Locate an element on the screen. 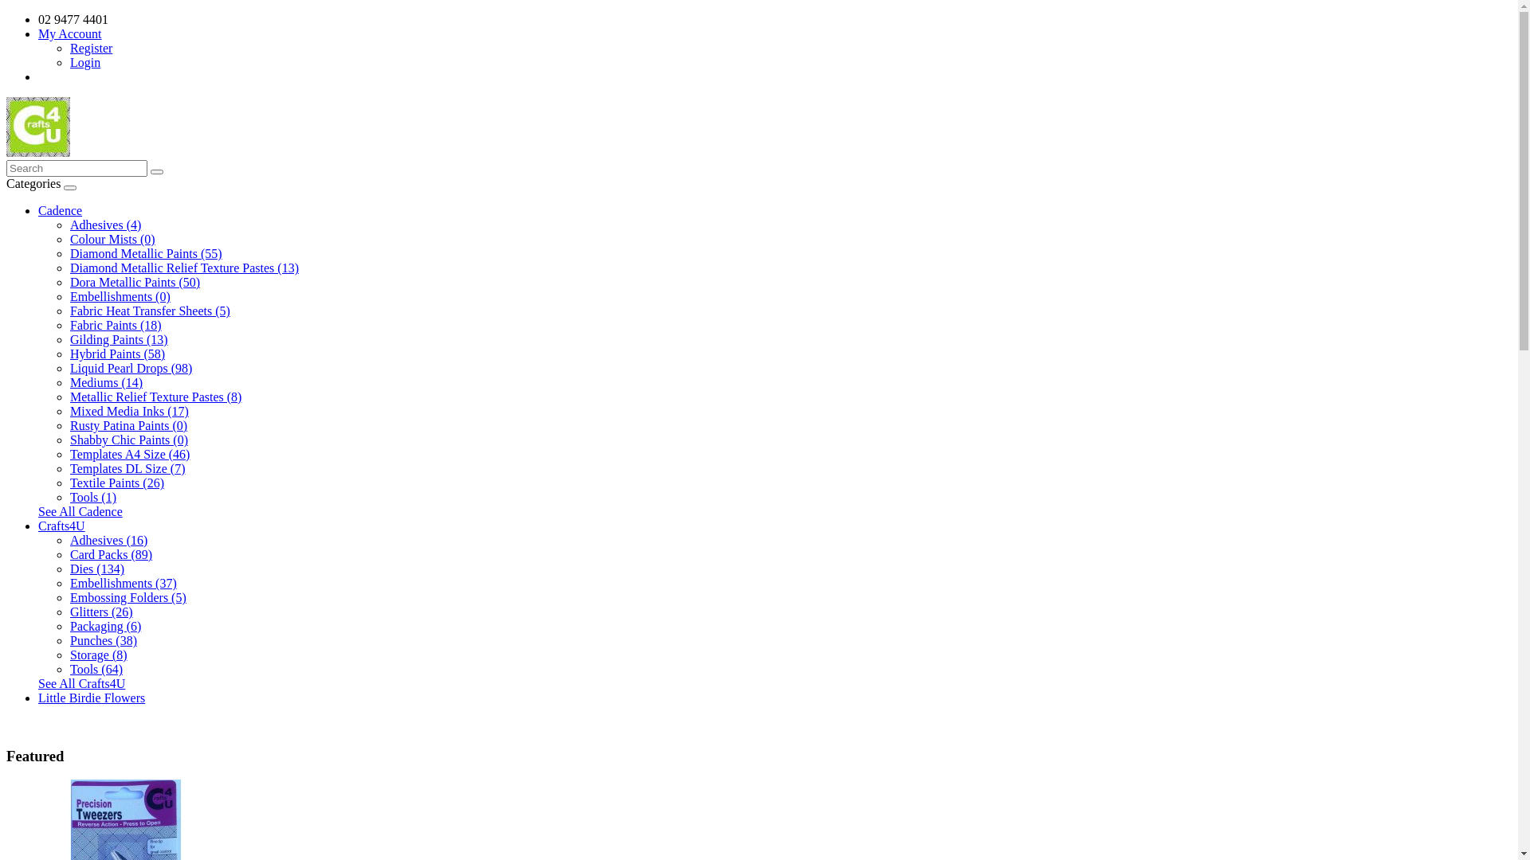  'Diamond Metallic Relief Texture Pastes (13)' is located at coordinates (69, 267).